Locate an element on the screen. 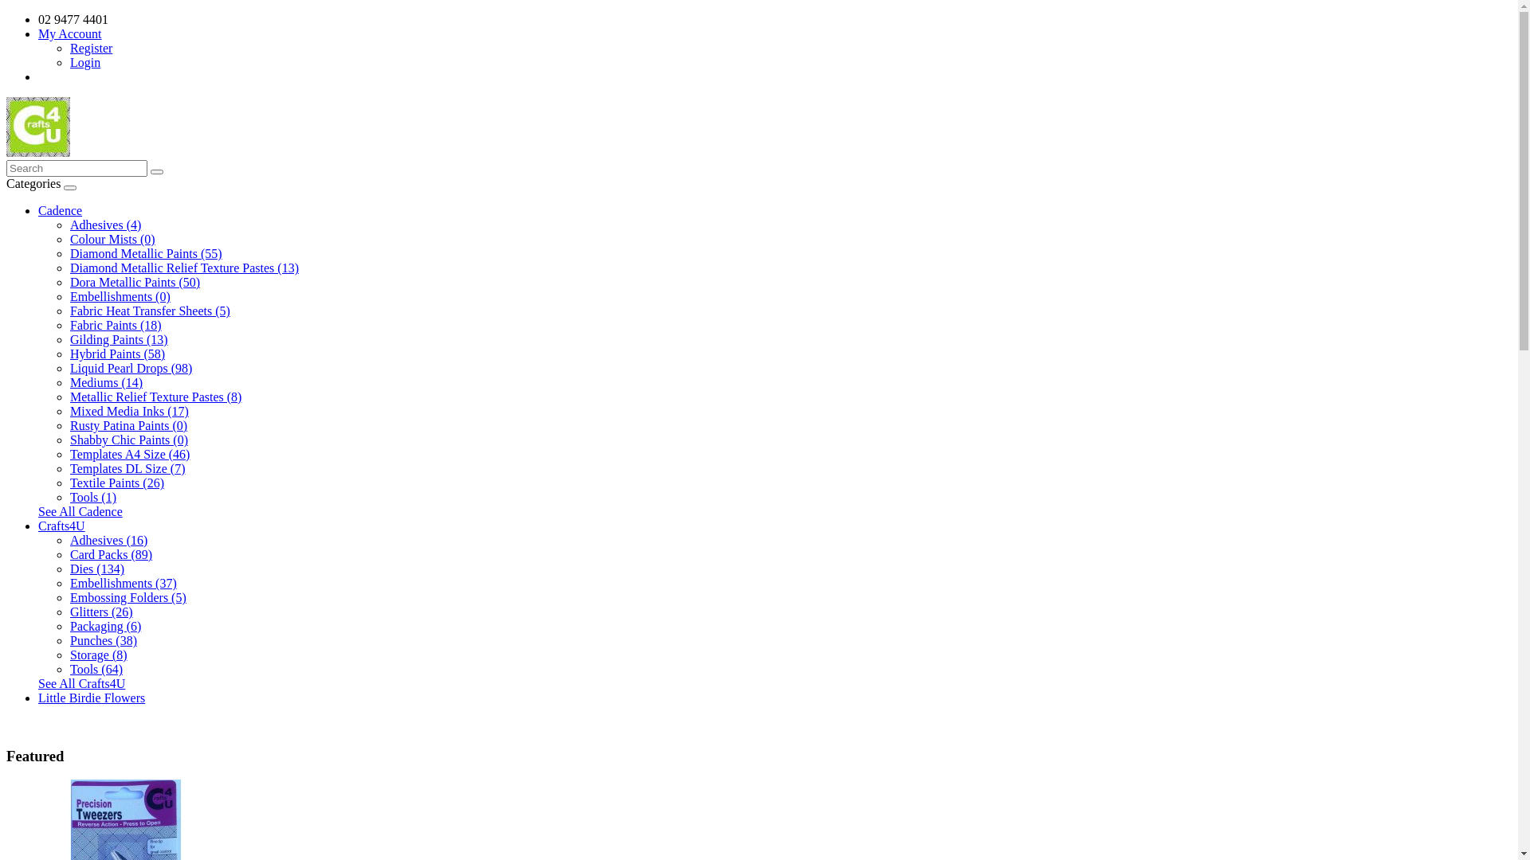  'Diamond Metallic Relief Texture Pastes (13)' is located at coordinates (69, 267).